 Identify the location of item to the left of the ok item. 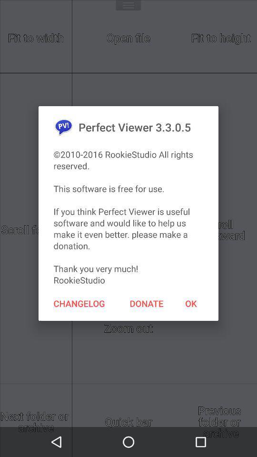
(147, 303).